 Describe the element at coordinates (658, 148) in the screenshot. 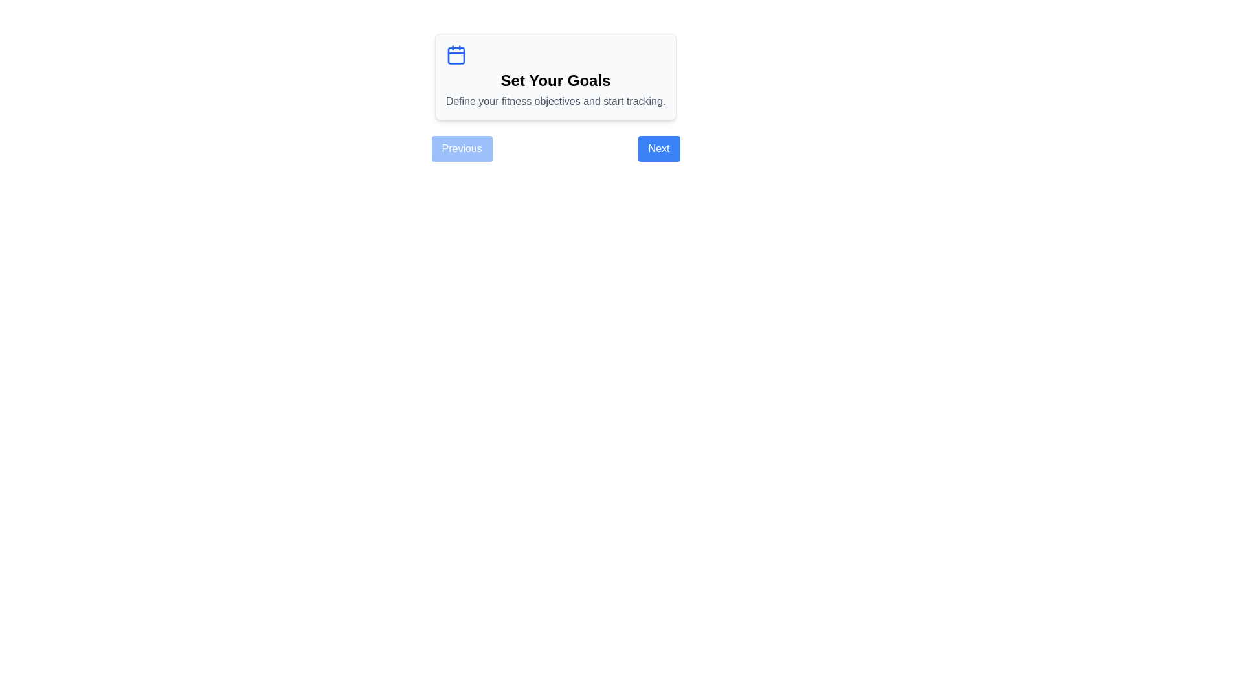

I see `the 'Next' button, which is a bright blue rectangular button with rounded corners, located below the 'Set Your Goals' header` at that location.